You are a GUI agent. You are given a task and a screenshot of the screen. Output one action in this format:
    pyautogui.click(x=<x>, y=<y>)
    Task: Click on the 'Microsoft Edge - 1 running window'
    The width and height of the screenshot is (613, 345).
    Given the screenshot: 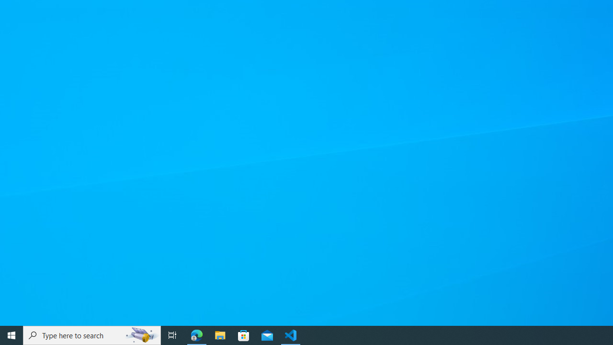 What is the action you would take?
    pyautogui.click(x=196, y=334)
    